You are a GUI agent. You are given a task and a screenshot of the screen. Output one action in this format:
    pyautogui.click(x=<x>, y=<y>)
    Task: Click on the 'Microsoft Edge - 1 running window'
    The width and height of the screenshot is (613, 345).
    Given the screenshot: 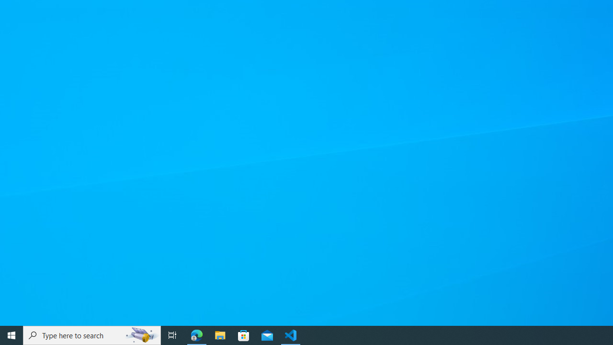 What is the action you would take?
    pyautogui.click(x=196, y=334)
    